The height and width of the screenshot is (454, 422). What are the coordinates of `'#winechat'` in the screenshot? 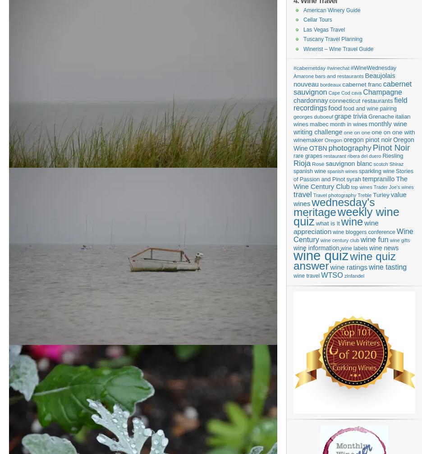 It's located at (338, 68).